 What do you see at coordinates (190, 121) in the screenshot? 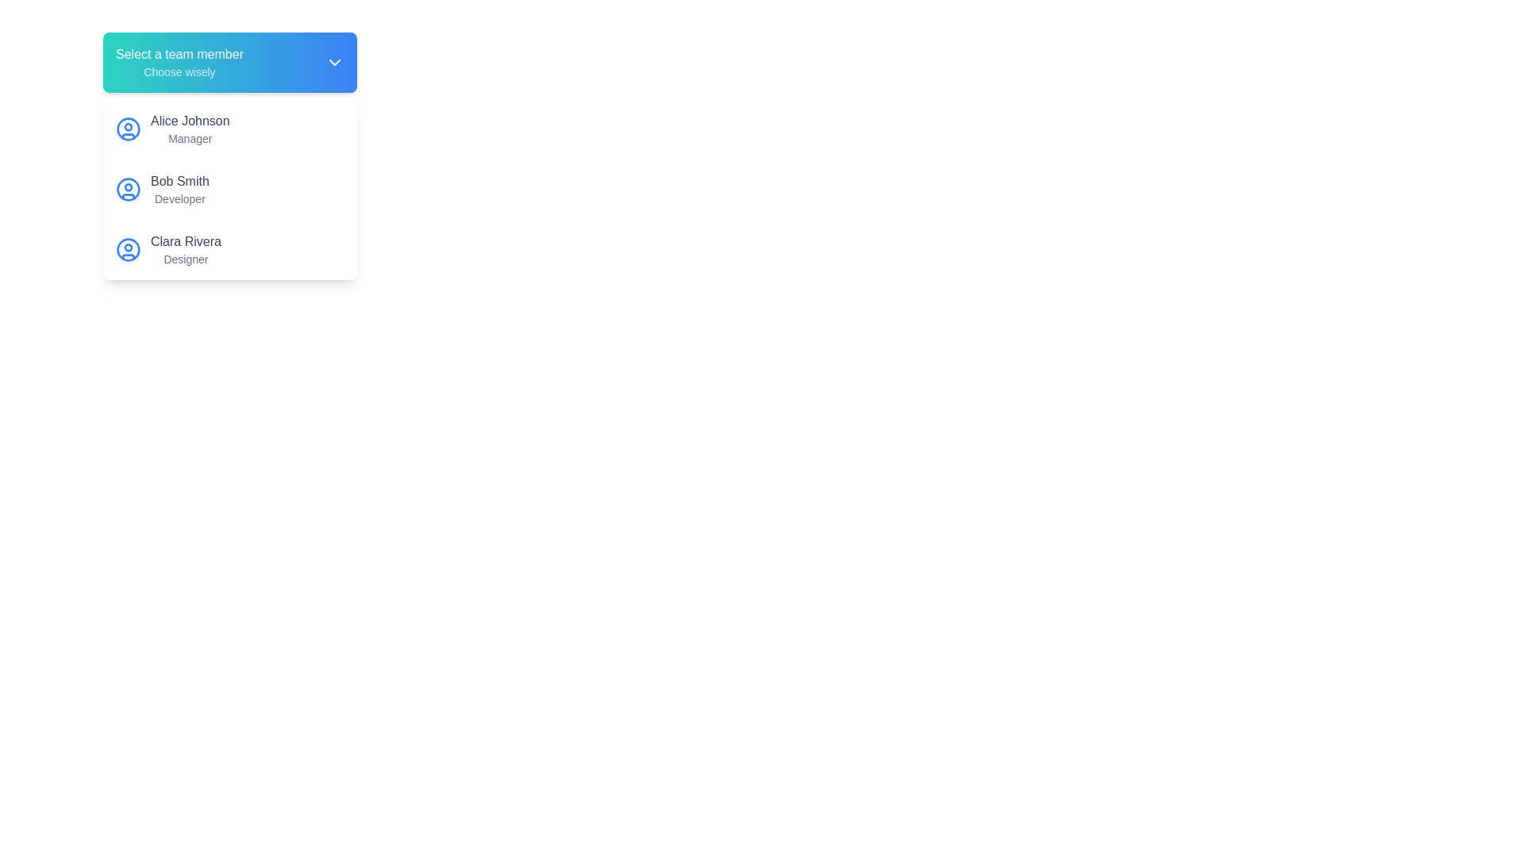
I see `the 'Alice Johnson' text label` at bounding box center [190, 121].